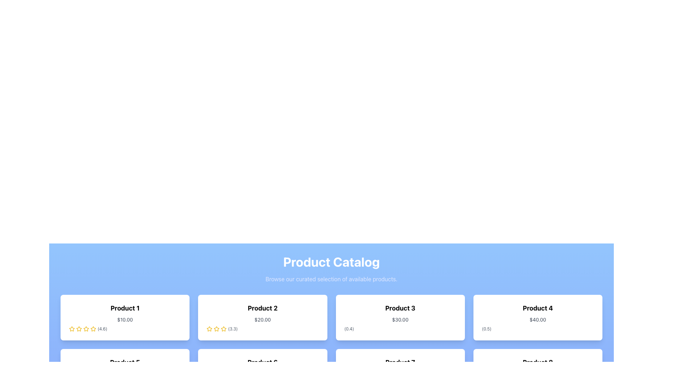 The height and width of the screenshot is (385, 684). I want to click on bold black text label 'Product 4' located at the top of the fourth card in the first row of the product catalog, so click(538, 308).